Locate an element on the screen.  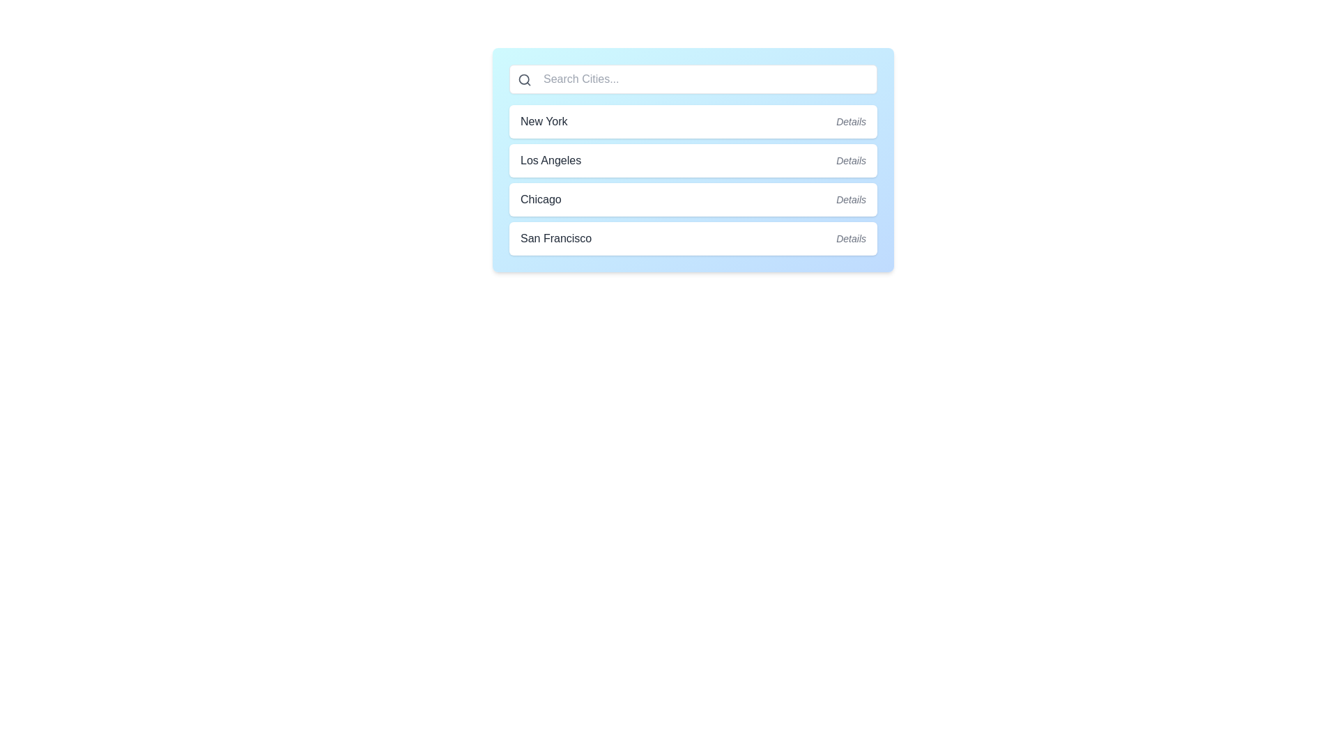
the text label in the upper right corner of the row associated with 'New York' is located at coordinates (850, 120).